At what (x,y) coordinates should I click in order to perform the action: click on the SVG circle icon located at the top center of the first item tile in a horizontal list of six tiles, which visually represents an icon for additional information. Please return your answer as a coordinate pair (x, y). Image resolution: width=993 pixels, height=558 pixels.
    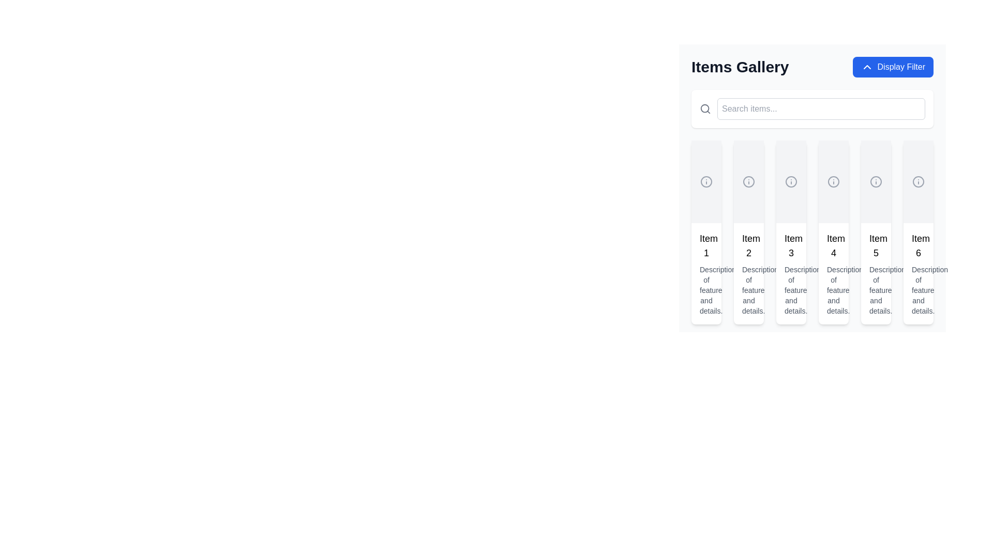
    Looking at the image, I should click on (706, 181).